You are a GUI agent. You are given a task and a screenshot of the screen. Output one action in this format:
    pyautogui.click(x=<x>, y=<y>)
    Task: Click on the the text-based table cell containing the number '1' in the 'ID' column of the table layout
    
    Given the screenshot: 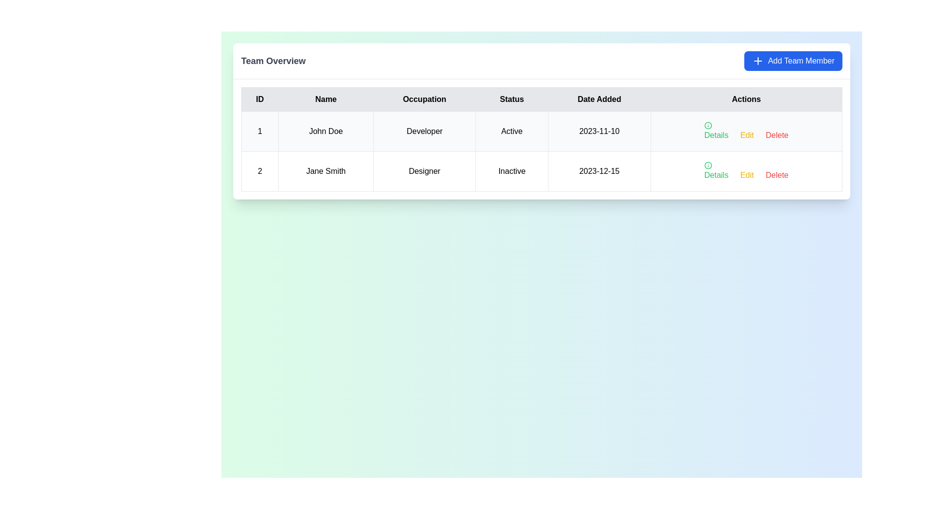 What is the action you would take?
    pyautogui.click(x=260, y=131)
    